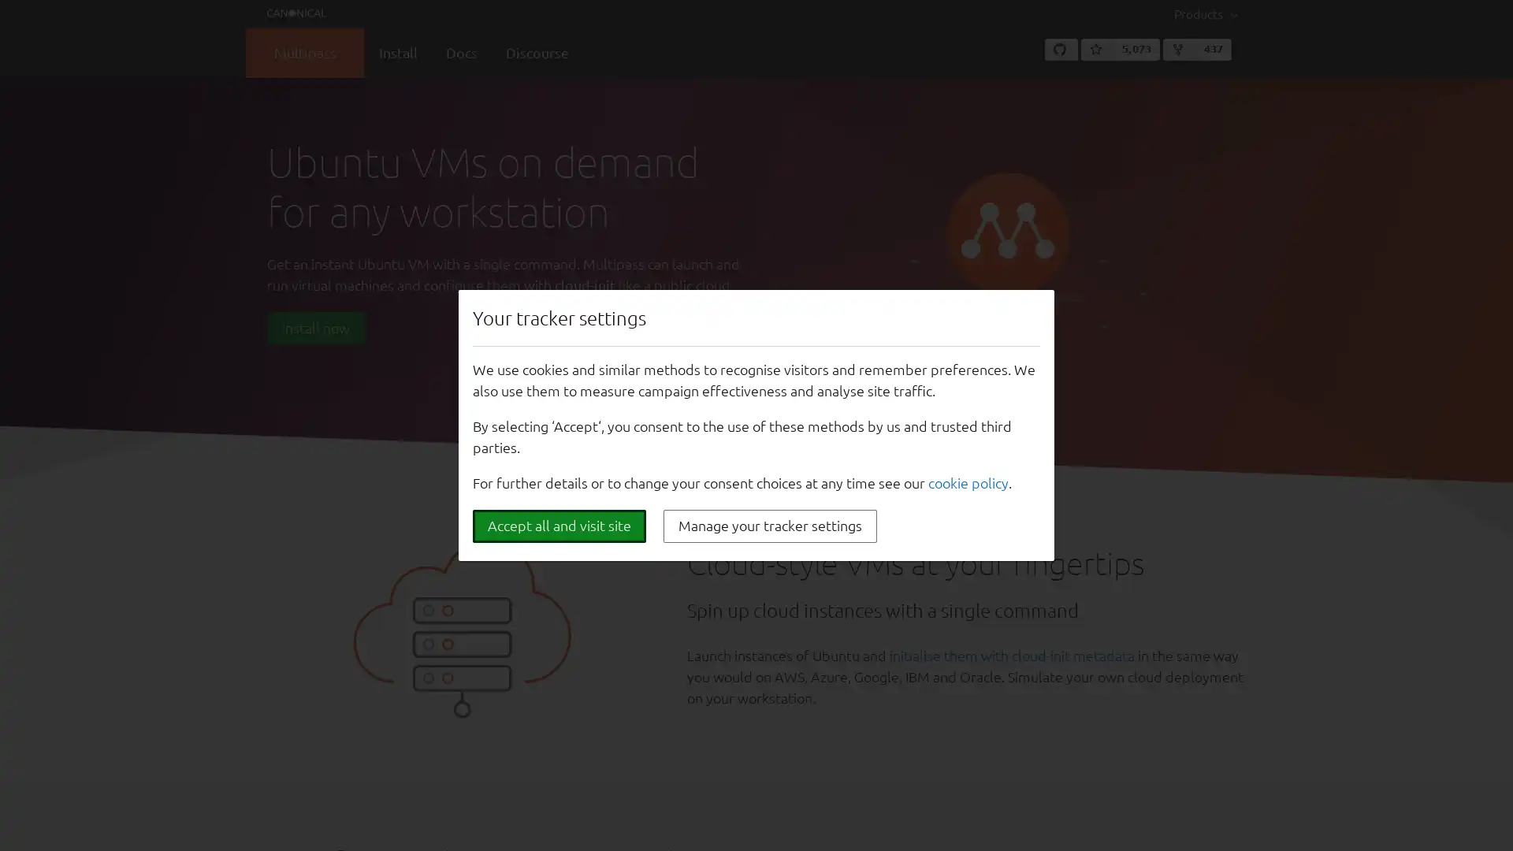 The image size is (1513, 851). I want to click on Manage your tracker settings, so click(770, 526).